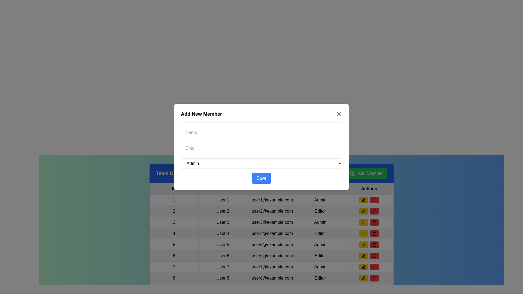 This screenshot has height=294, width=523. Describe the element at coordinates (369, 189) in the screenshot. I see `the 'Actions' text label, which is the last column in the header row of a table and displays the word 'Actions' in bold black font` at that location.